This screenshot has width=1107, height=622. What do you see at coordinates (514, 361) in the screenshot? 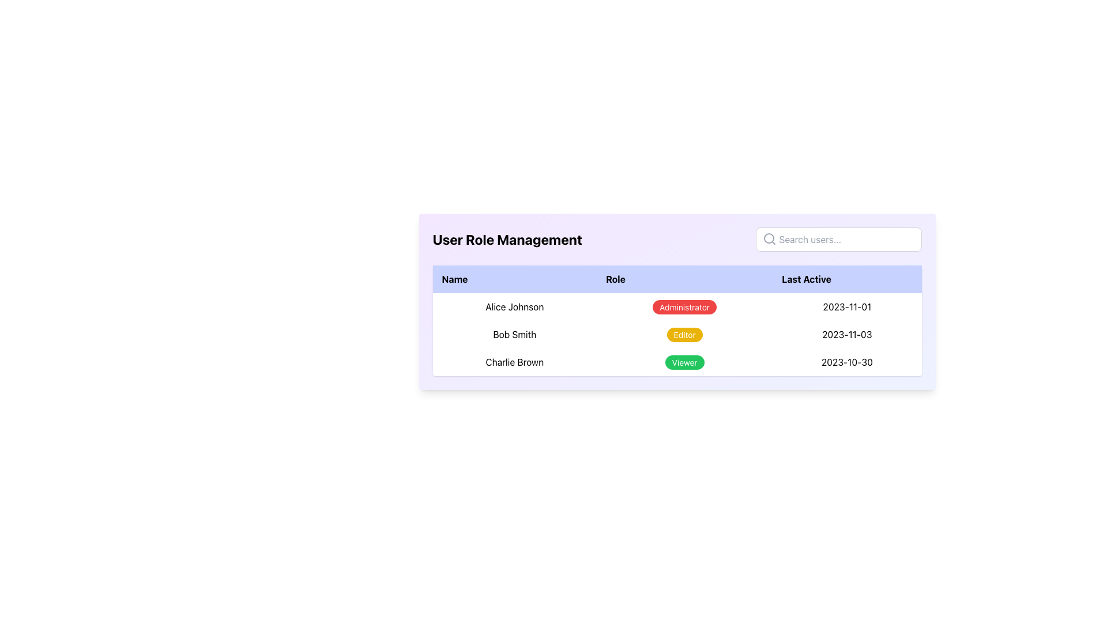
I see `the text label displaying 'Charlie Brown' in the user table, which is the third item under the 'Name' column` at bounding box center [514, 361].